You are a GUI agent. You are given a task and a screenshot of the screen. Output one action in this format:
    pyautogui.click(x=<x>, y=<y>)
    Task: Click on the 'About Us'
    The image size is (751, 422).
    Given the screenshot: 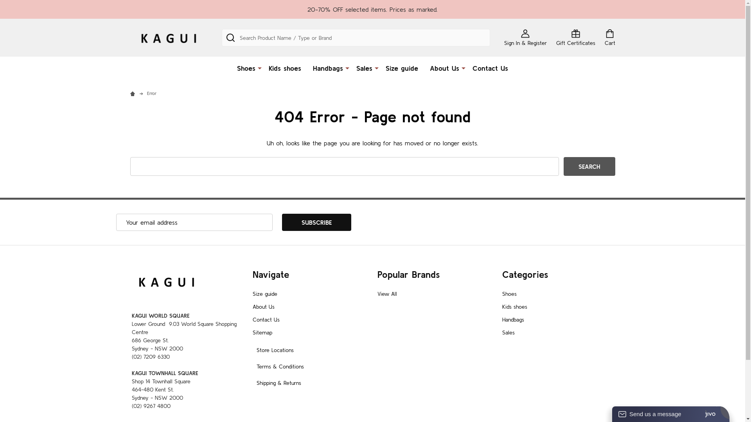 What is the action you would take?
    pyautogui.click(x=263, y=306)
    